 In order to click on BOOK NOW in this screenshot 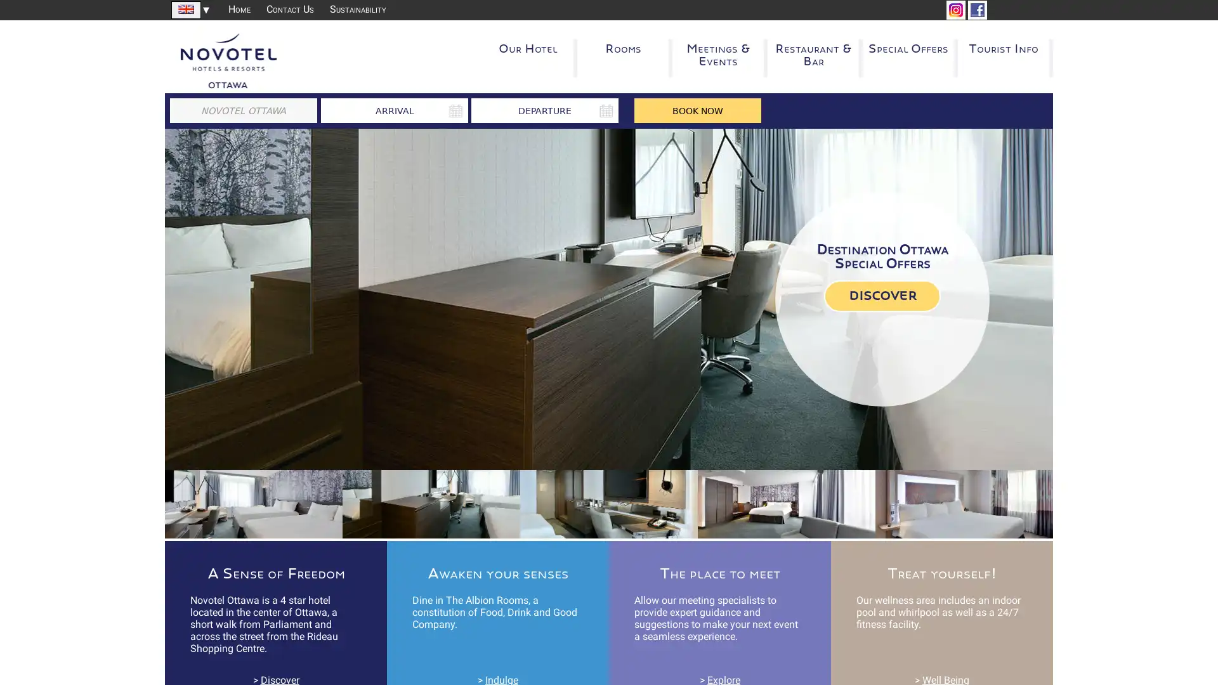, I will do `click(697, 110)`.